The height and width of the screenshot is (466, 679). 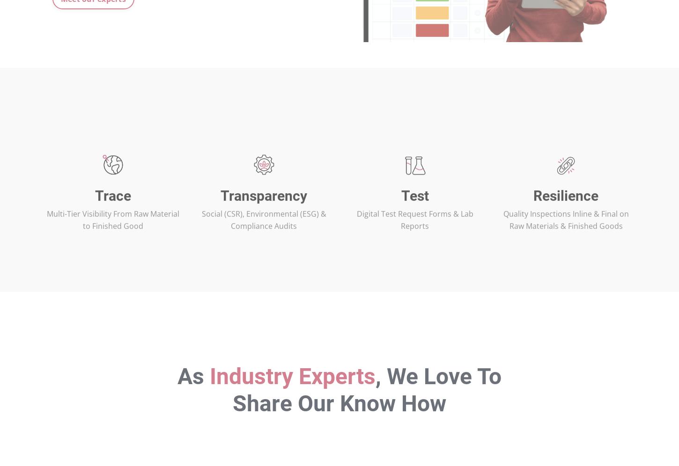 I want to click on ', We Love To Share Our Know How', so click(x=367, y=419).